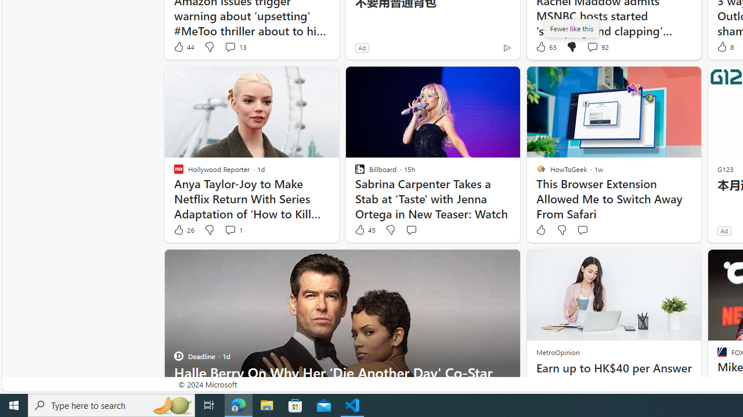  What do you see at coordinates (485, 264) in the screenshot?
I see `'Hide this story'` at bounding box center [485, 264].